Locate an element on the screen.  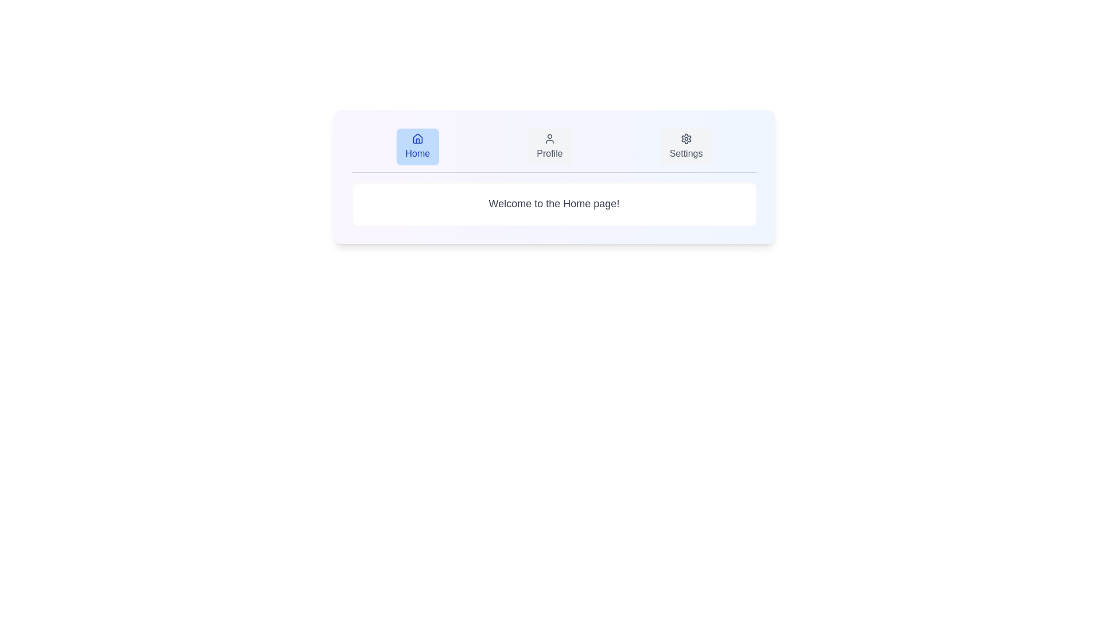
the Settings tab by clicking on it is located at coordinates (686, 146).